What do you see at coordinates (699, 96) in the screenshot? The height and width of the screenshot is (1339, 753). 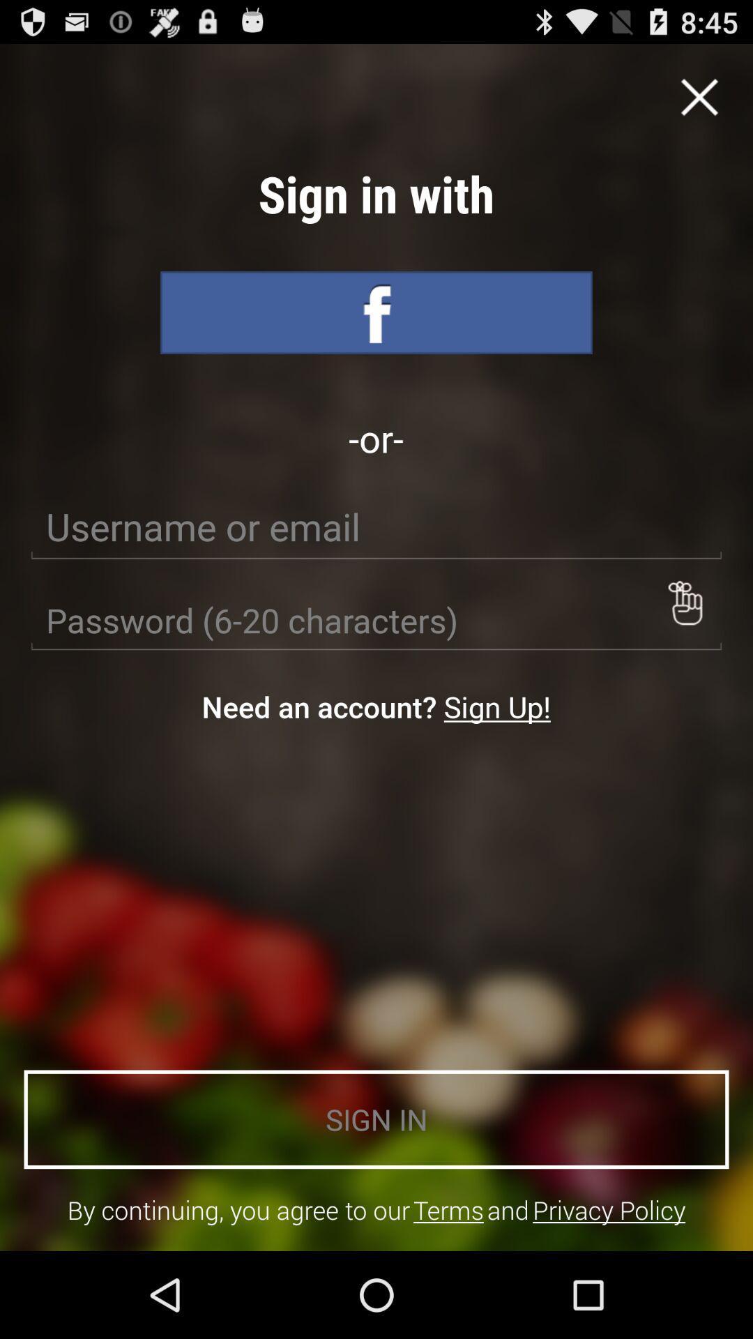 I see `cance` at bounding box center [699, 96].